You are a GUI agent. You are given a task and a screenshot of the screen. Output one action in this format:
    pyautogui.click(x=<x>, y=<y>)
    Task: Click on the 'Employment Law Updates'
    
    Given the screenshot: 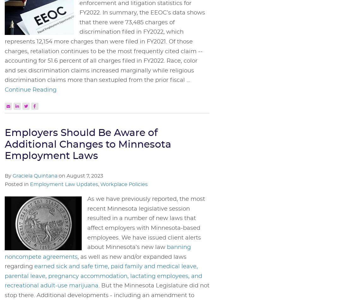 What is the action you would take?
    pyautogui.click(x=63, y=184)
    